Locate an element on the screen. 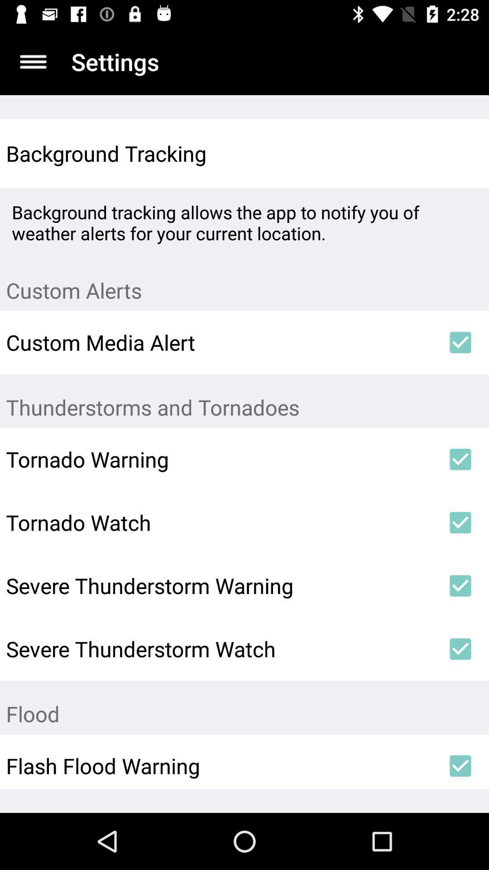 The height and width of the screenshot is (870, 489). item next to the severe thunderstorm warning icon is located at coordinates (460, 585).